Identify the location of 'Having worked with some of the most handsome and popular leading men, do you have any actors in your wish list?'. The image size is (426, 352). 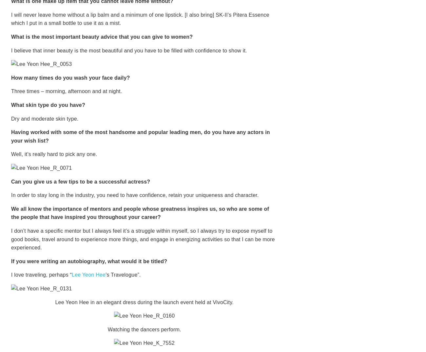
(11, 136).